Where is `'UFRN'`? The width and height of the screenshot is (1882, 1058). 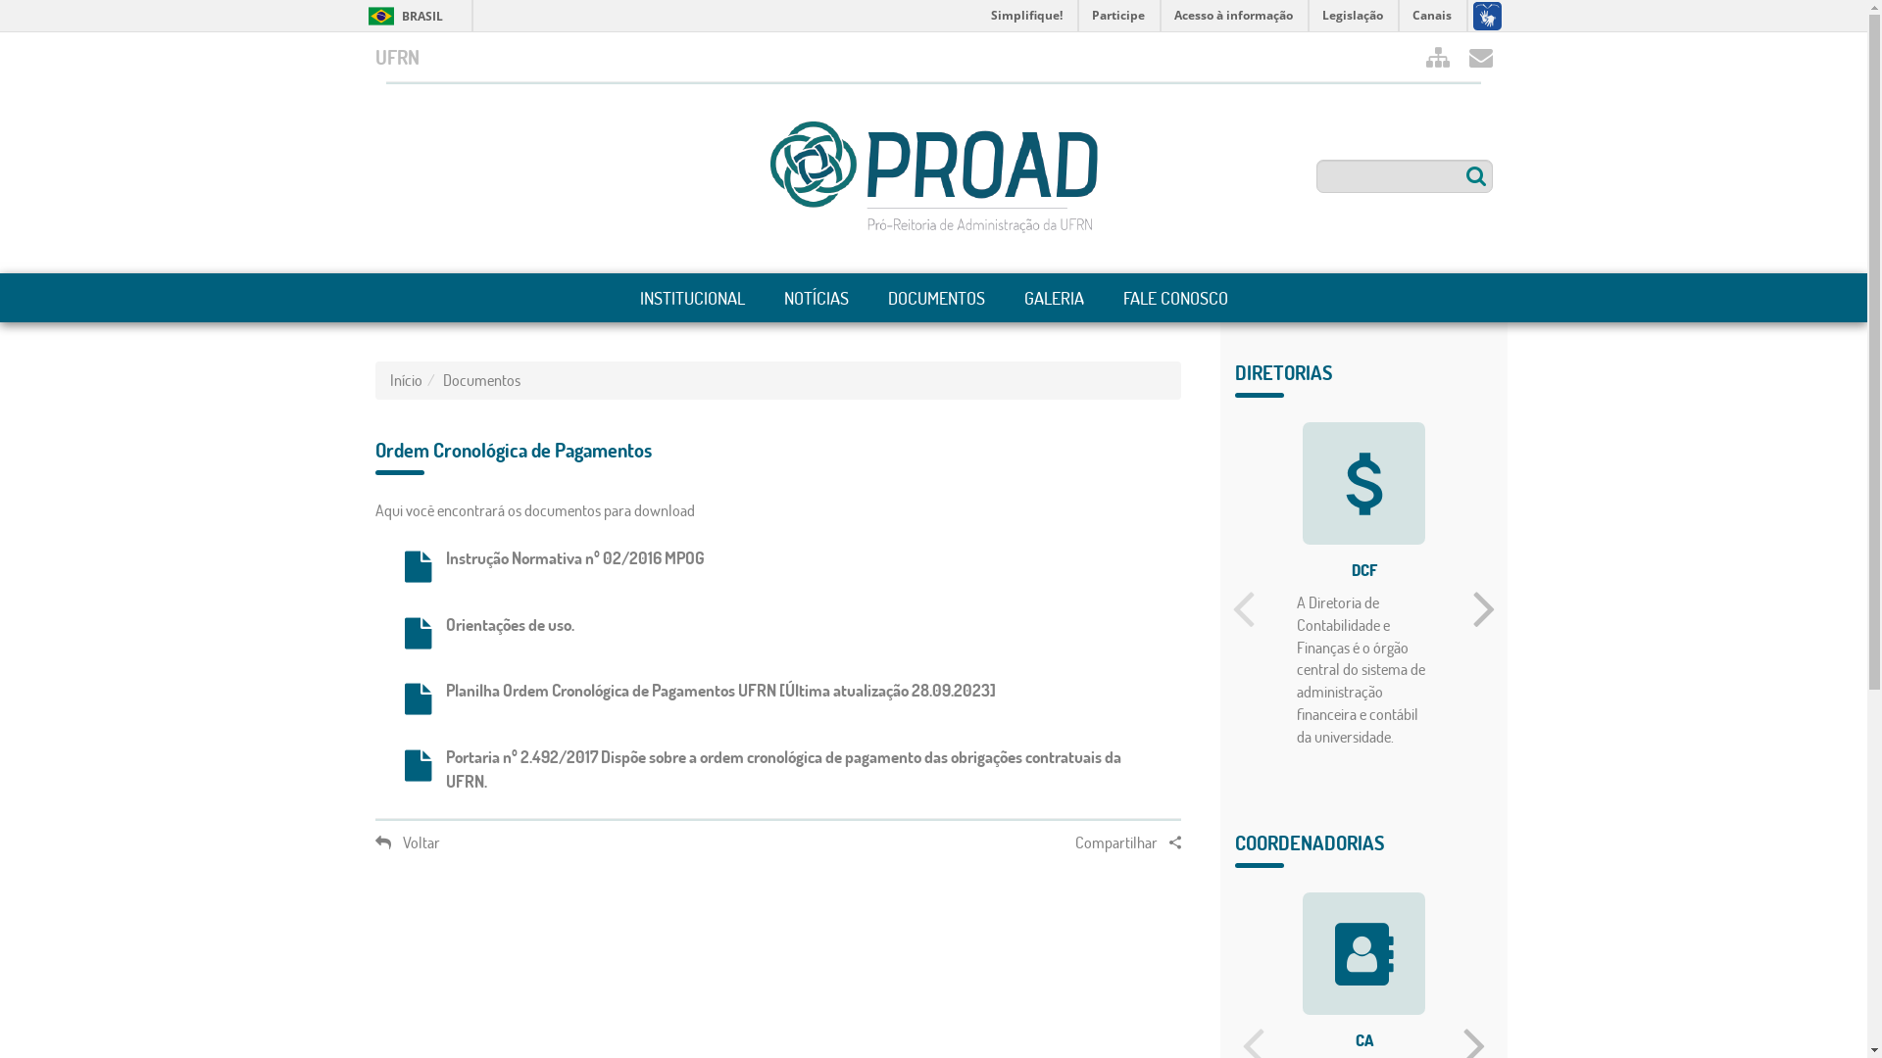
'UFRN' is located at coordinates (395, 55).